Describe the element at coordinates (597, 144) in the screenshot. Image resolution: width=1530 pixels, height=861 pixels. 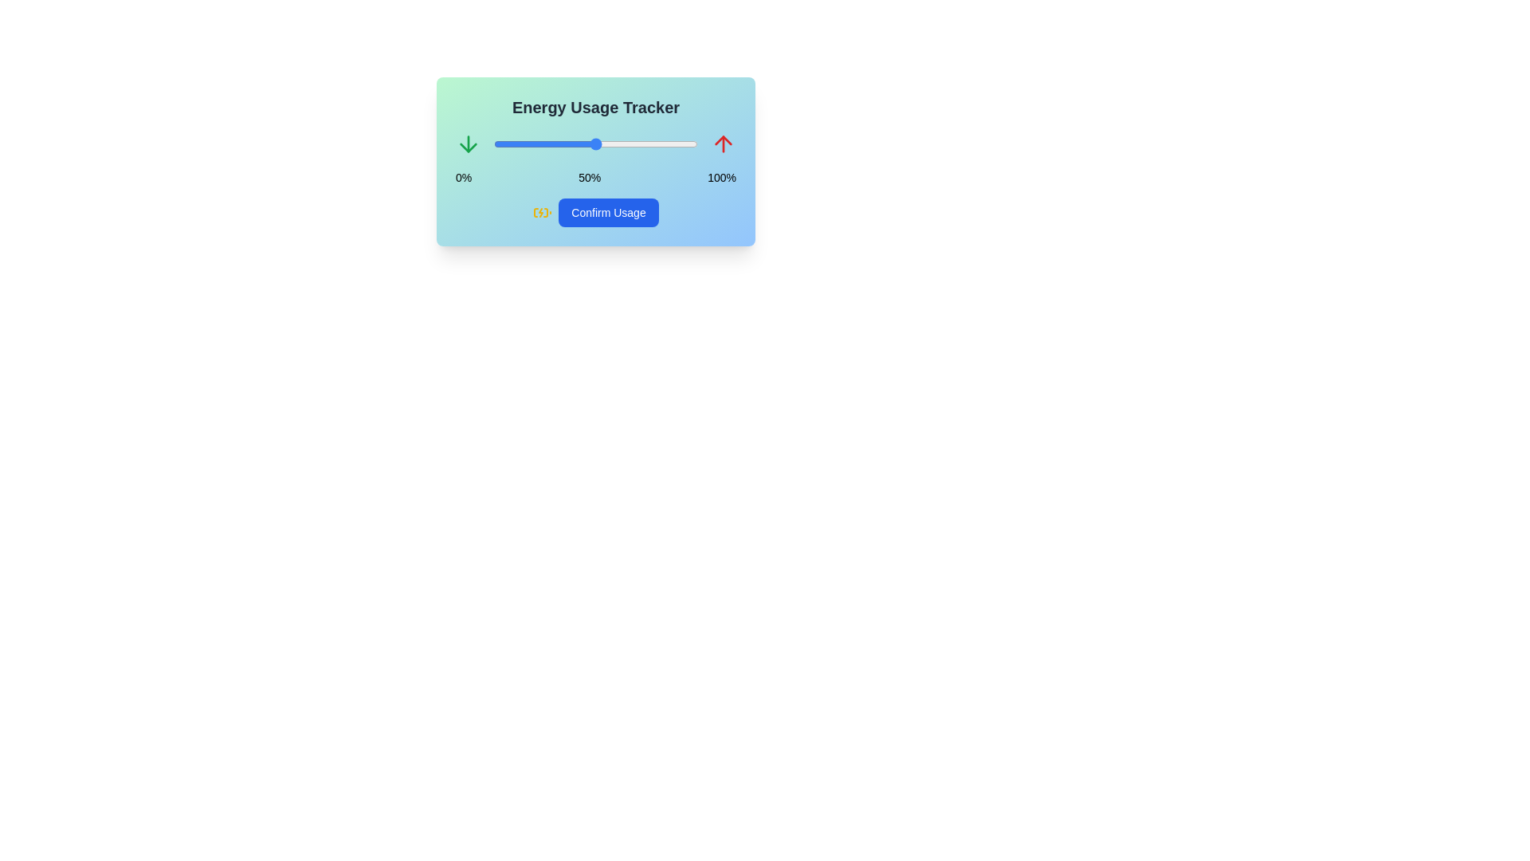
I see `the energy usage slider to 51%` at that location.